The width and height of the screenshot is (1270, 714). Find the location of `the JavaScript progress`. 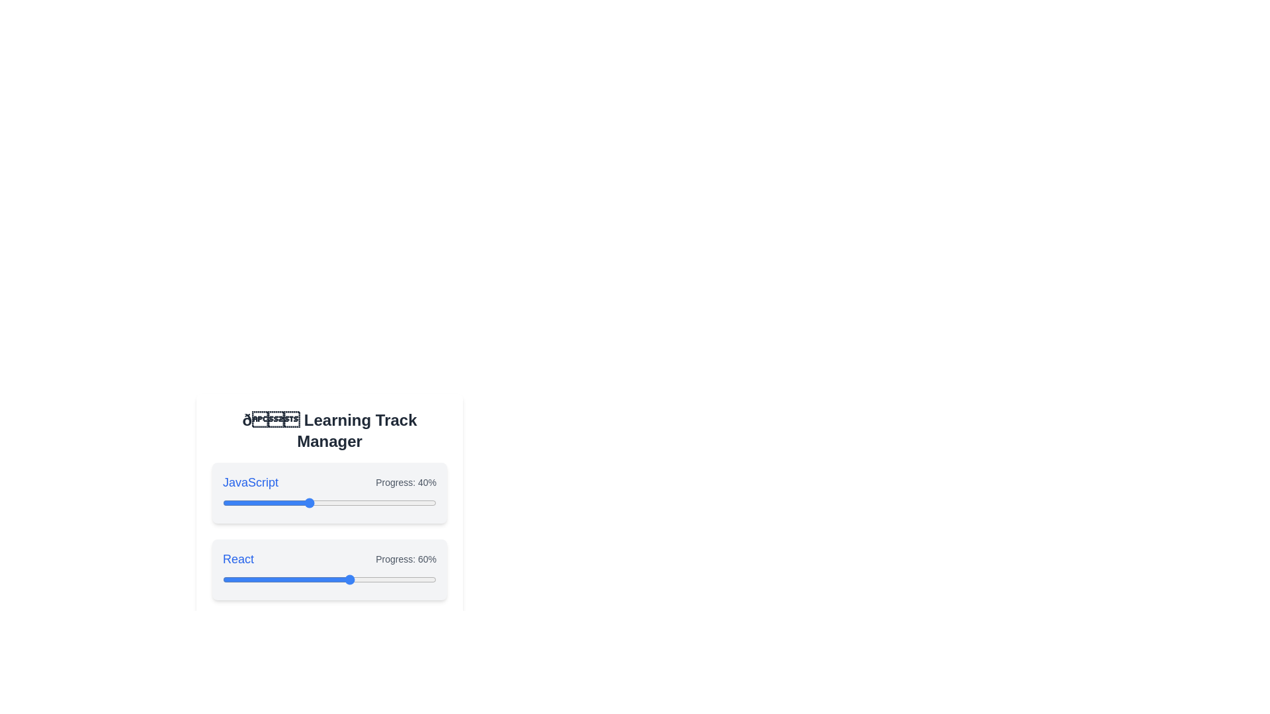

the JavaScript progress is located at coordinates (353, 502).